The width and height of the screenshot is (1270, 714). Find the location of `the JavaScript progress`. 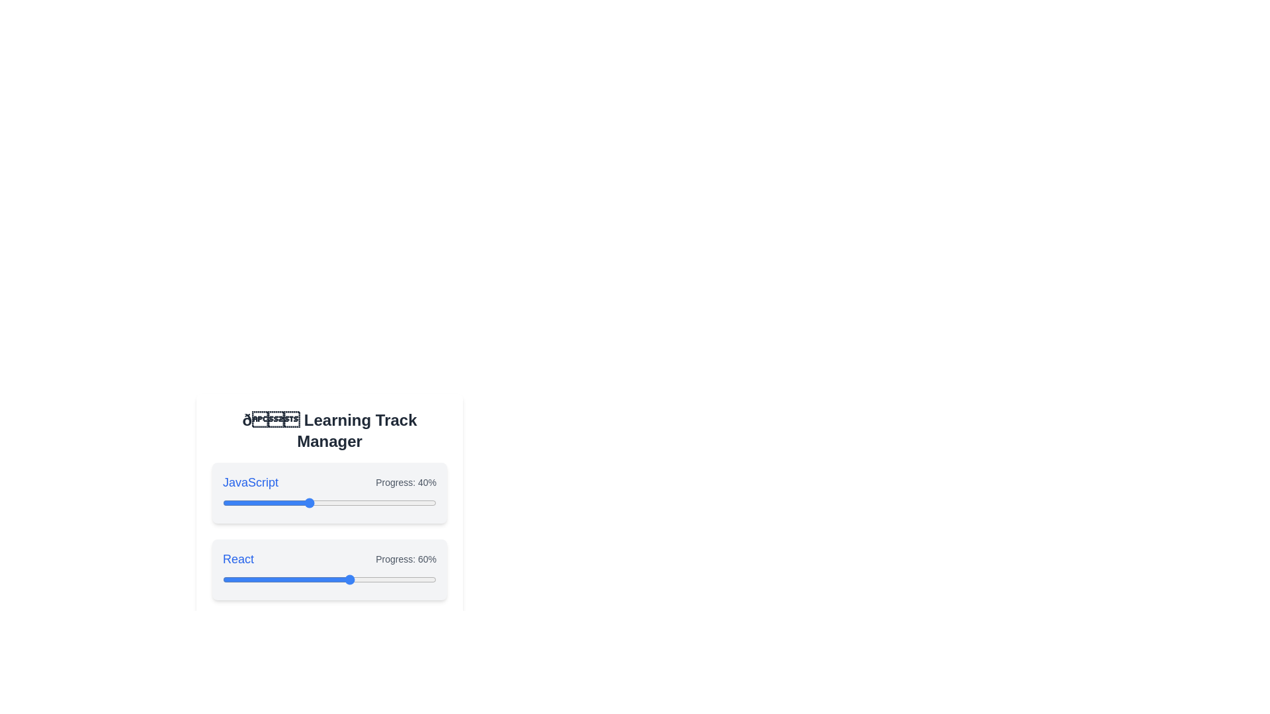

the JavaScript progress is located at coordinates (353, 502).